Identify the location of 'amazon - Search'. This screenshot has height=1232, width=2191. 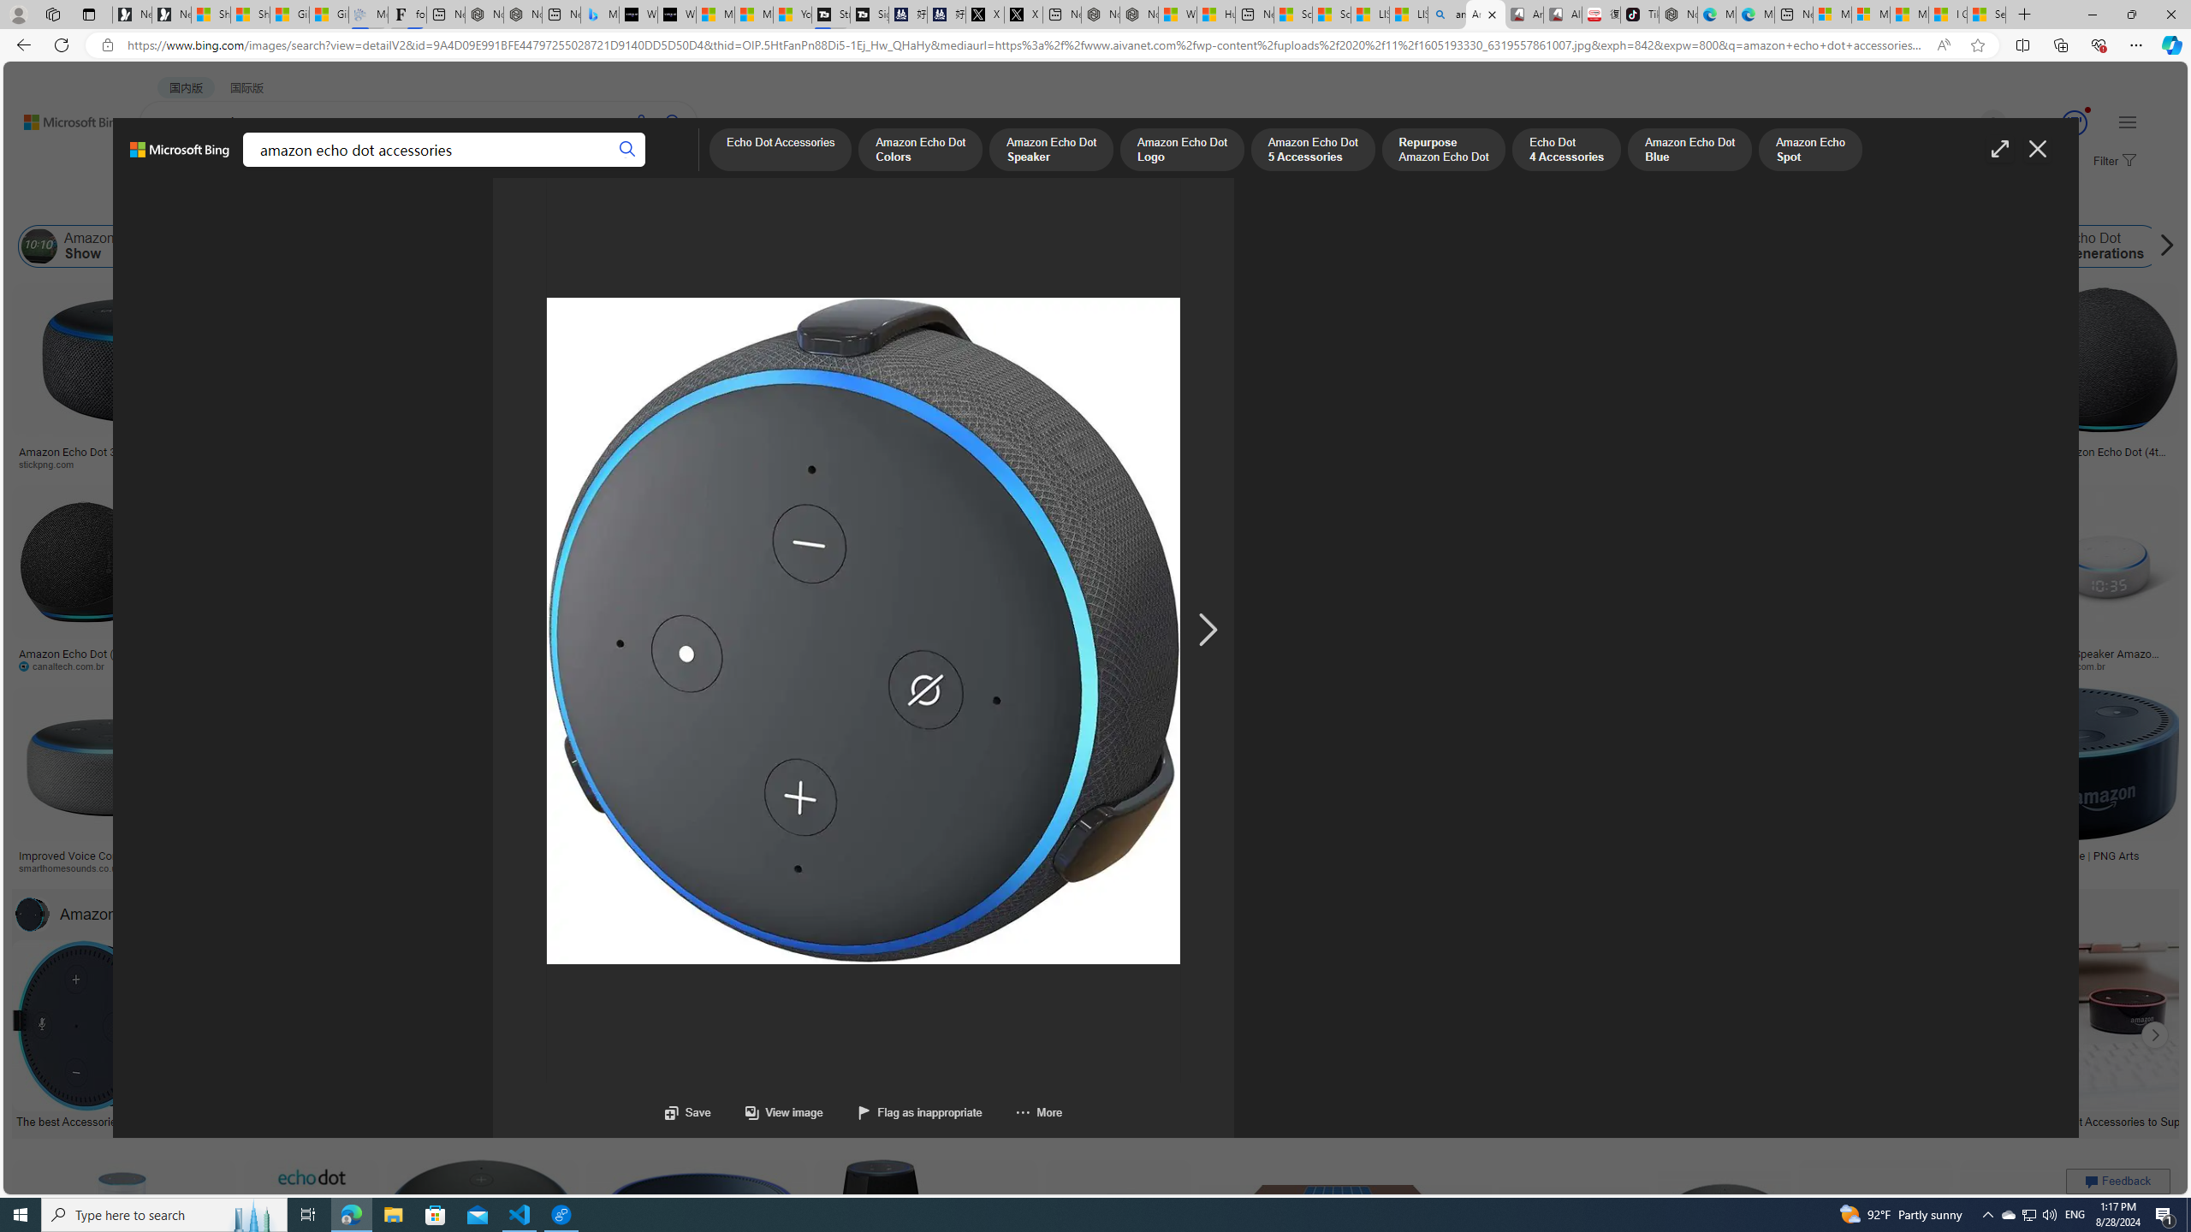
(1446, 14).